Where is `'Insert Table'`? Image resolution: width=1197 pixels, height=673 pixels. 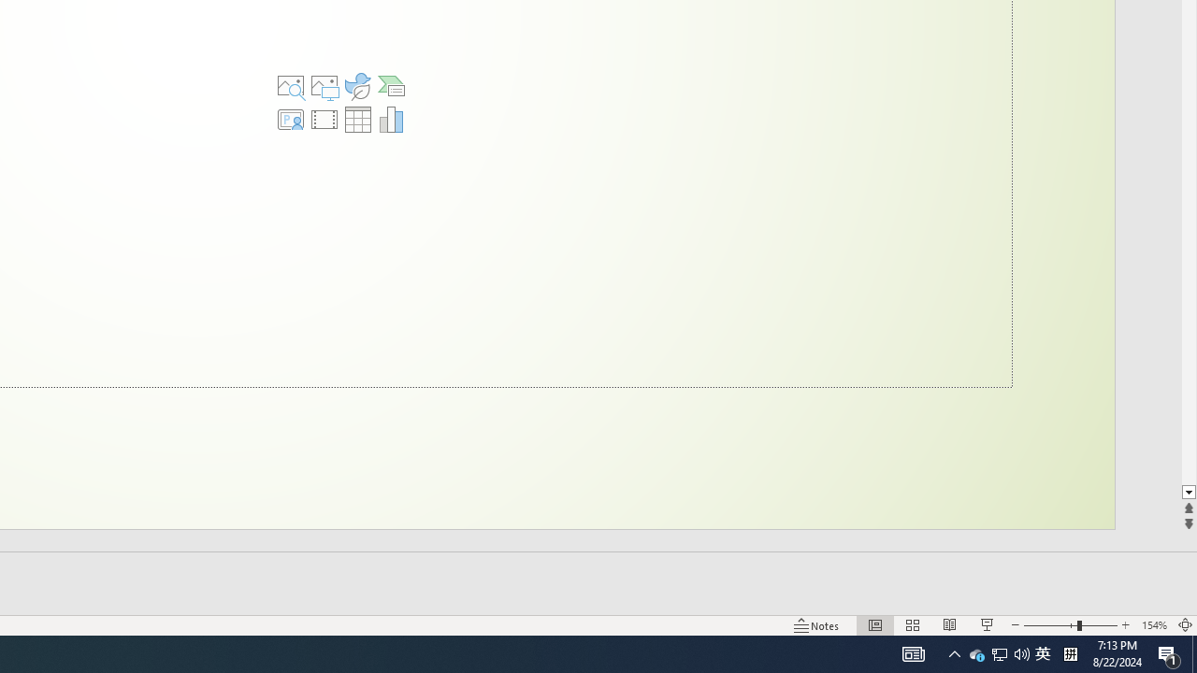 'Insert Table' is located at coordinates (358, 120).